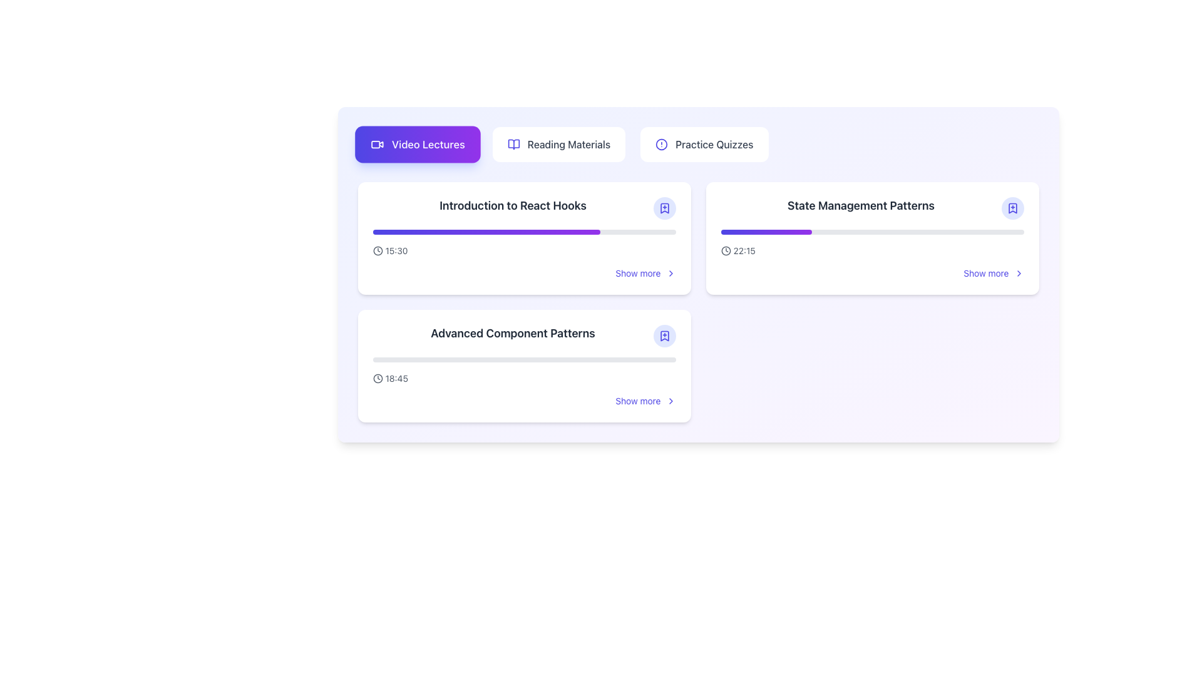  Describe the element at coordinates (377, 378) in the screenshot. I see `the time icon located to the left of the '18:45' string in the 'Advanced Component Patterns' card` at that location.